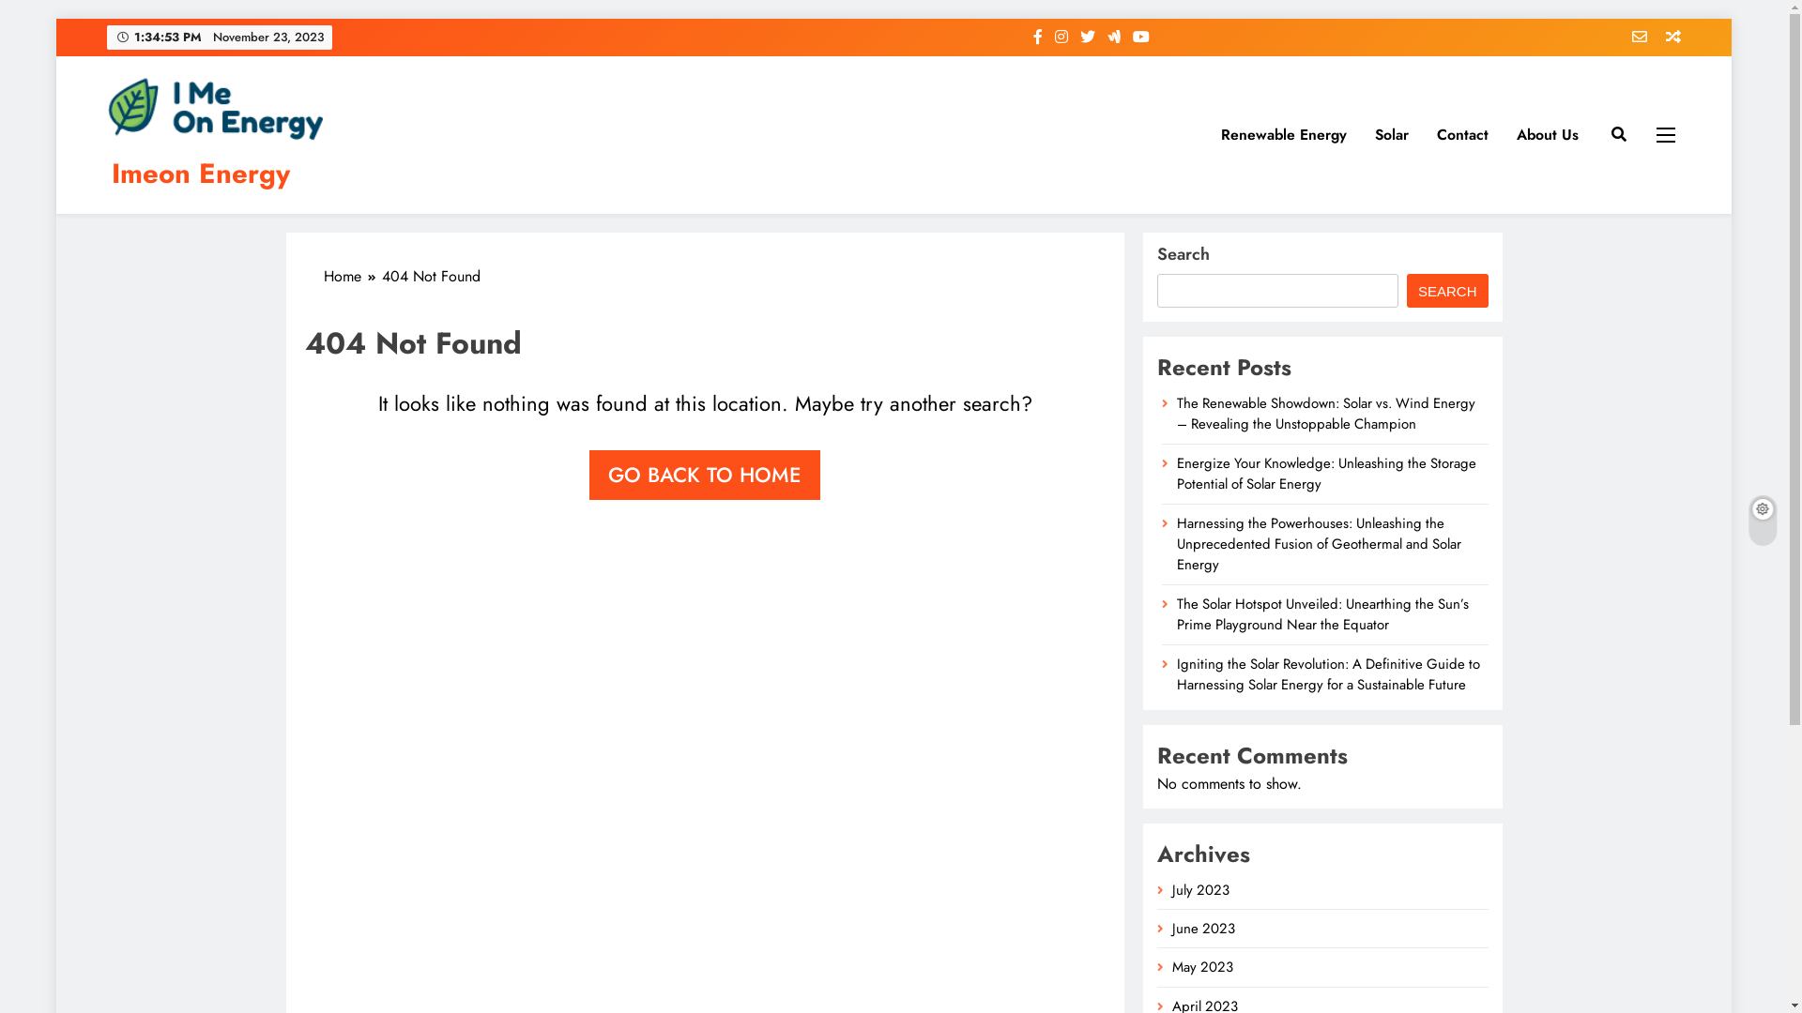  What do you see at coordinates (55, 18) in the screenshot?
I see `'Skip to content'` at bounding box center [55, 18].